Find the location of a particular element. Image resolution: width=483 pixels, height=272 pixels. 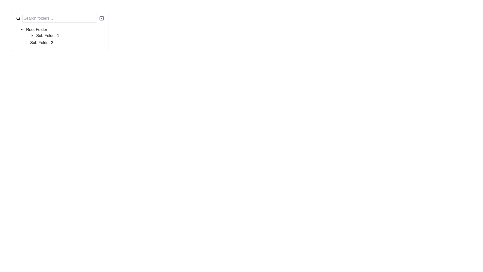

the circular lens segment of the search icon located at the upper-left of the search bar is located at coordinates (18, 18).